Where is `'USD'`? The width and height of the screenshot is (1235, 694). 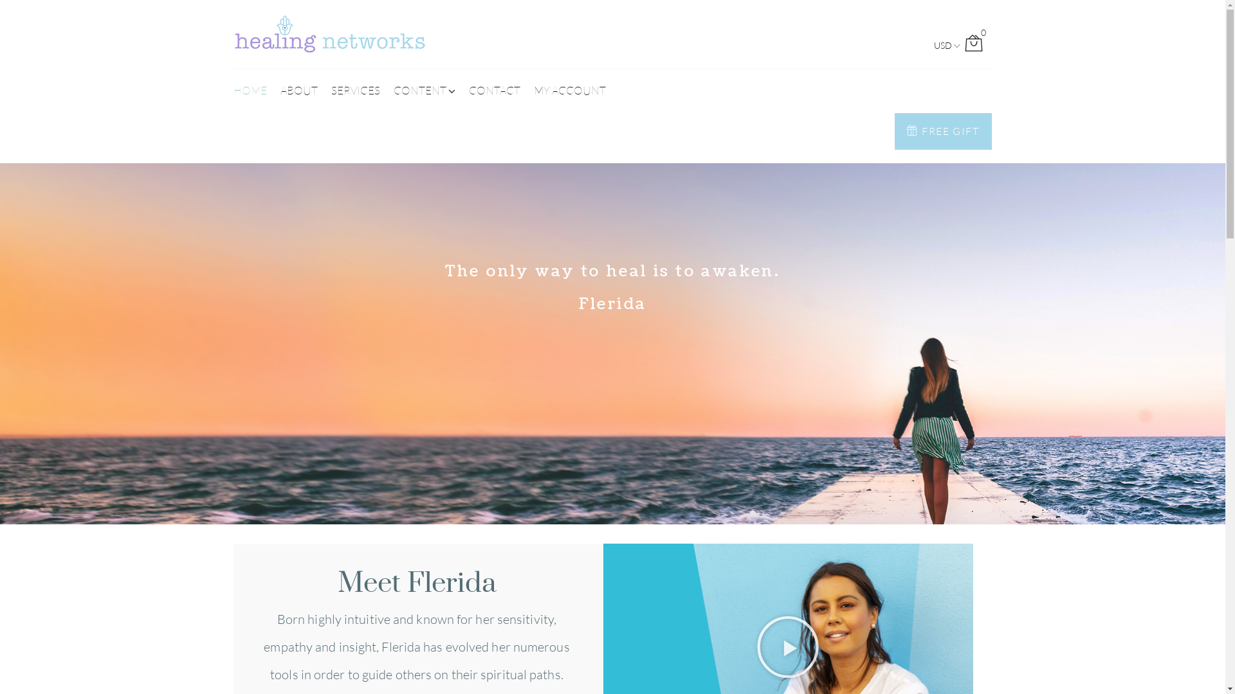 'USD' is located at coordinates (942, 45).